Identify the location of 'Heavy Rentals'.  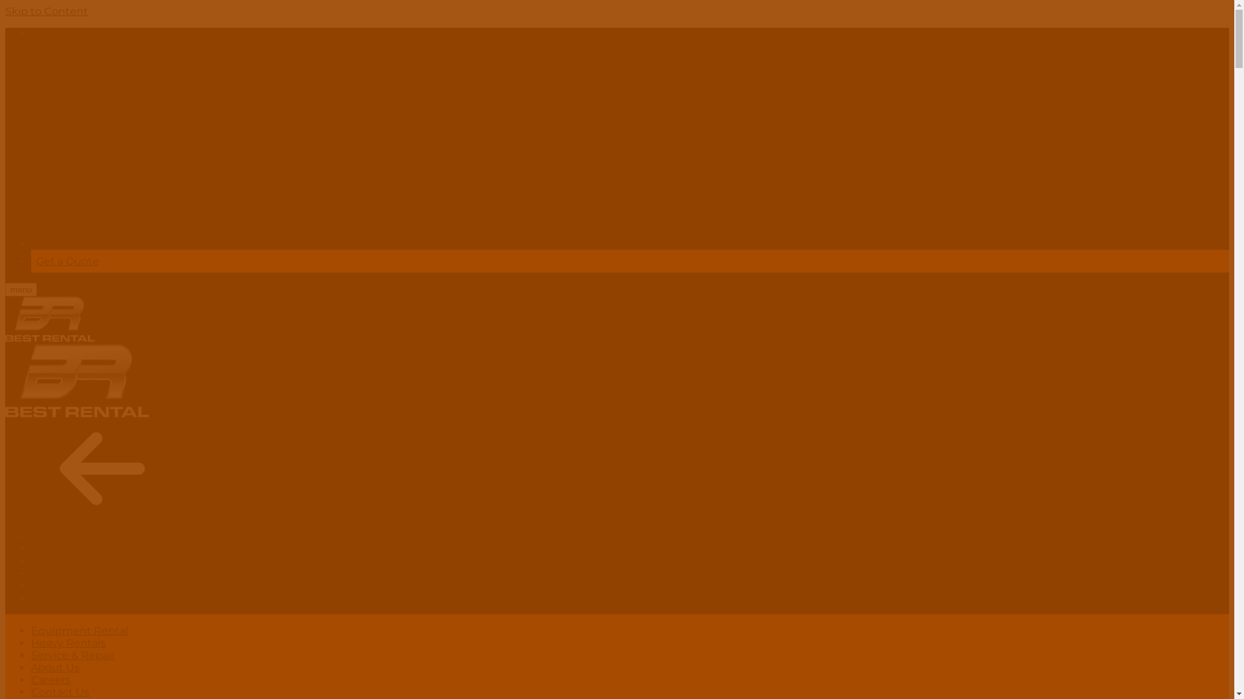
(67, 548).